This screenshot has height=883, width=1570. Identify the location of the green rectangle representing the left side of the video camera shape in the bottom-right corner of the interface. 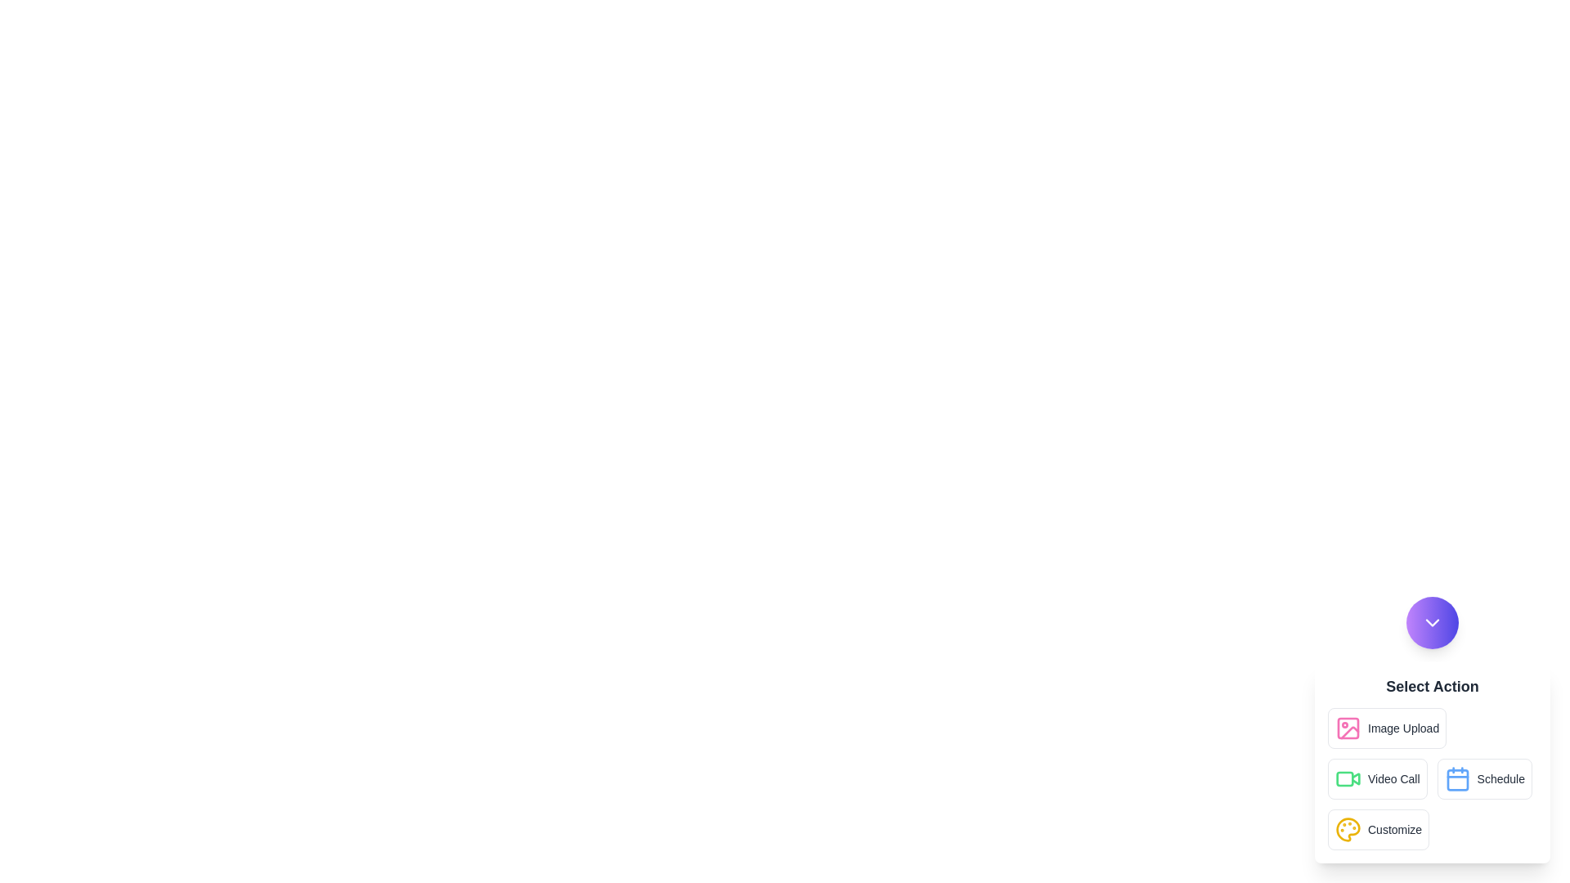
(1345, 778).